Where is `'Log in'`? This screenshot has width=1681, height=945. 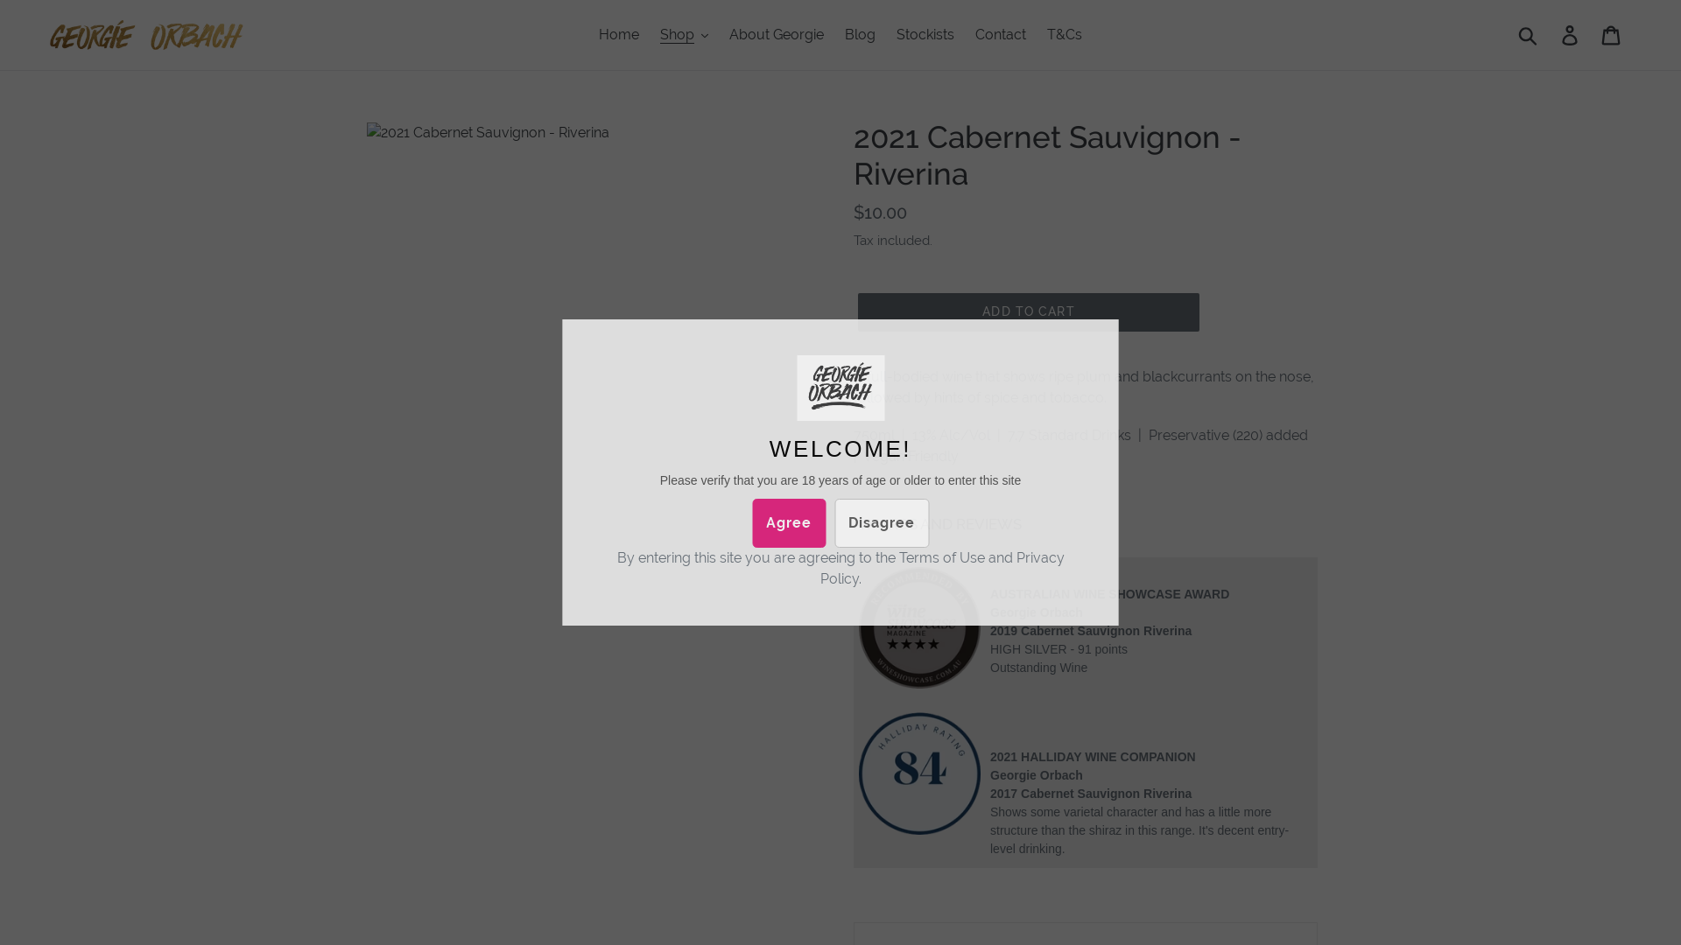 'Log in' is located at coordinates (1571, 34).